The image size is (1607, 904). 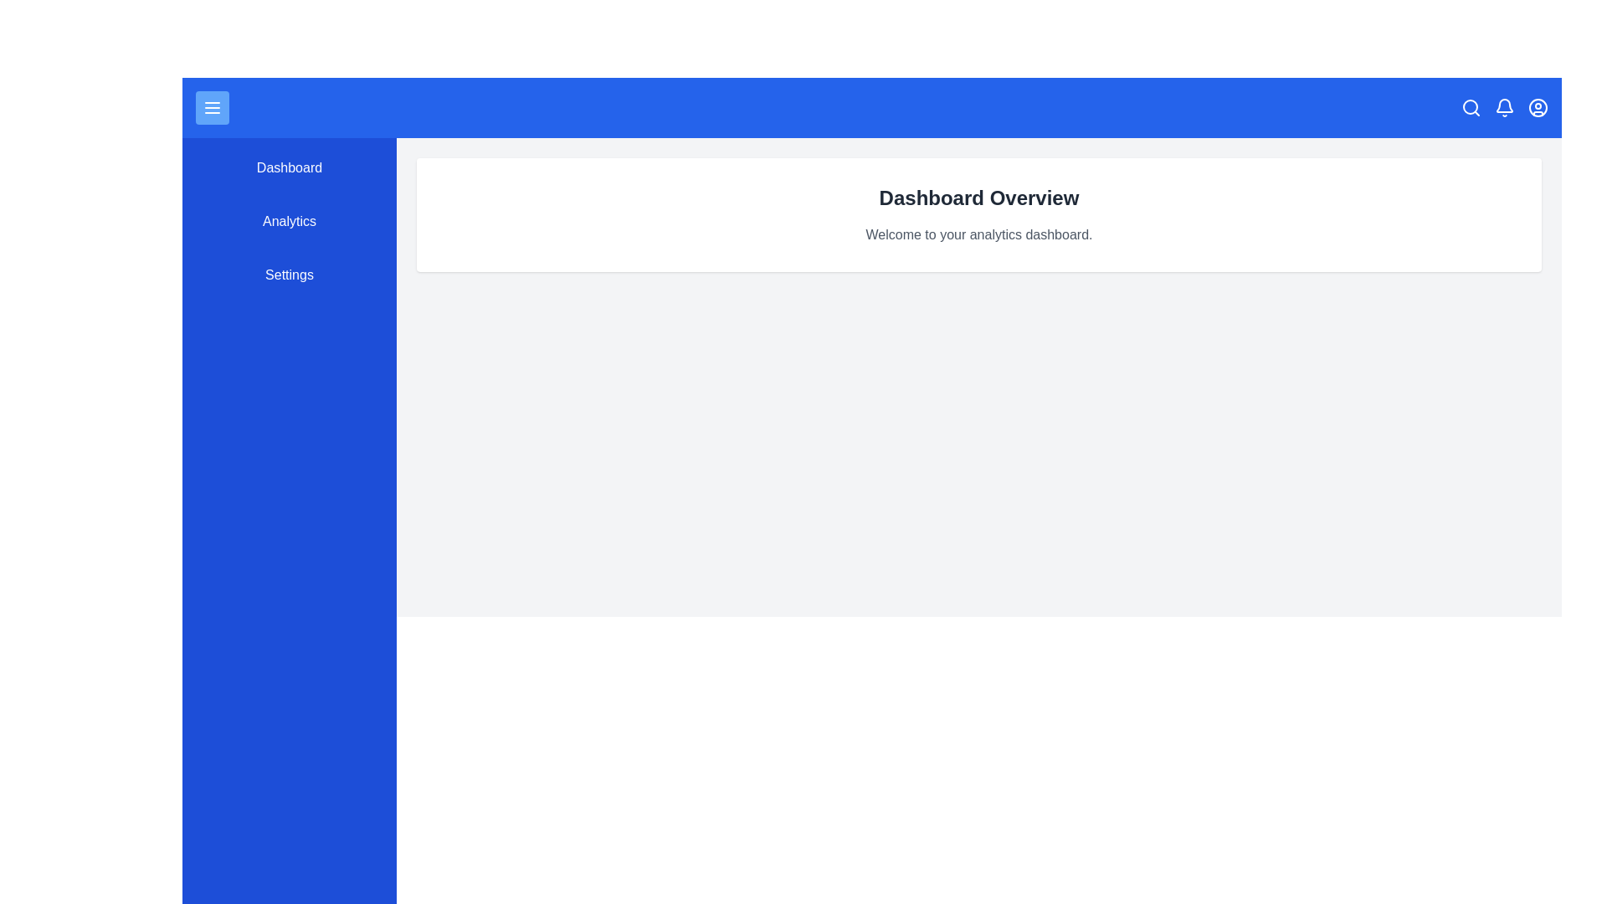 What do you see at coordinates (212, 107) in the screenshot?
I see `the menu button to toggle the navigation menu visibility` at bounding box center [212, 107].